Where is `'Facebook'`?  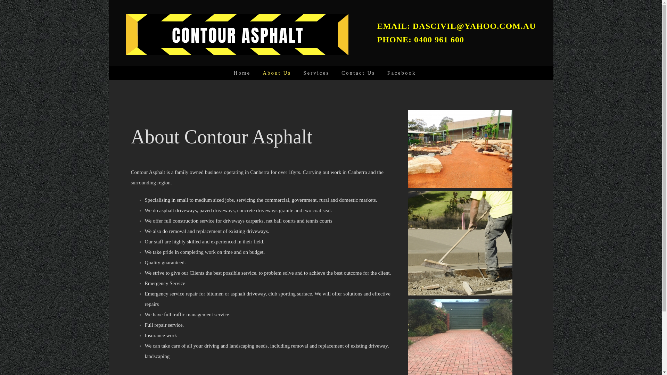
'Facebook' is located at coordinates (402, 73).